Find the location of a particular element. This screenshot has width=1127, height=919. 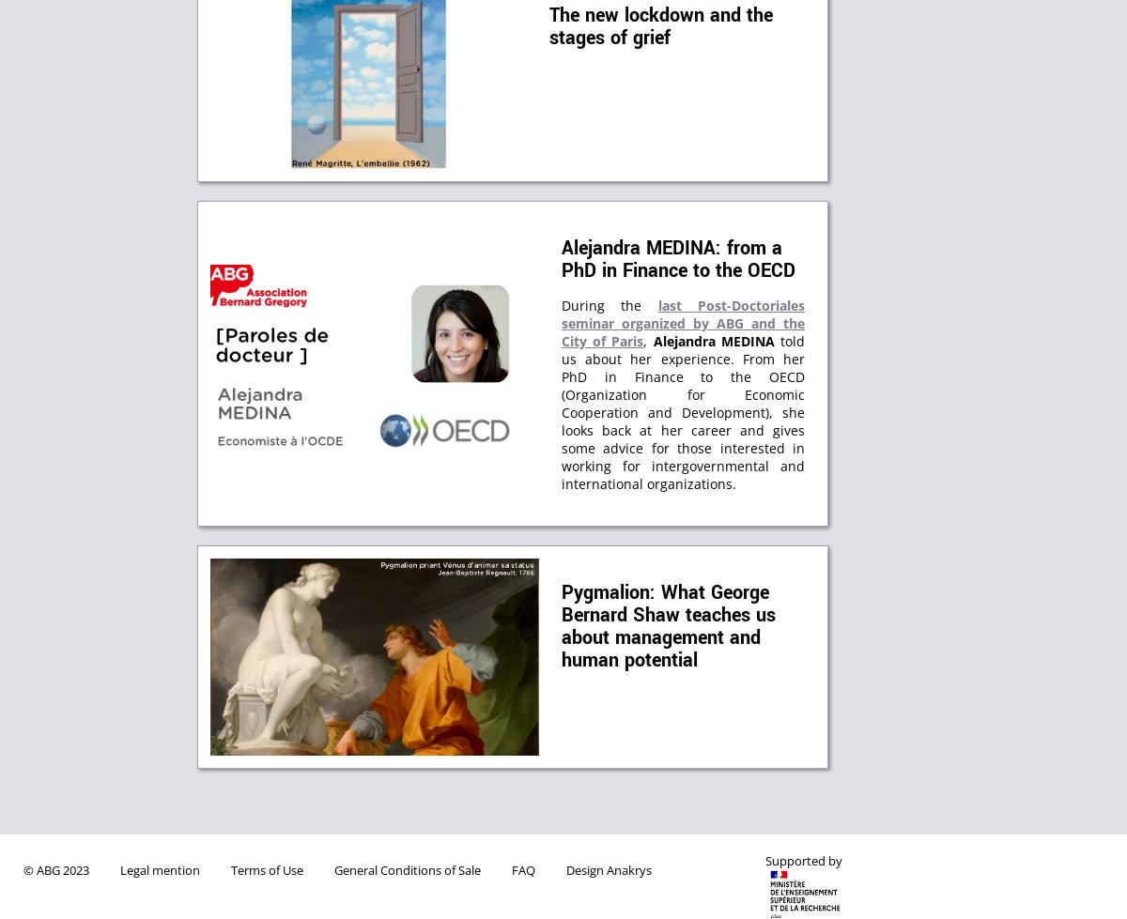

'told us about her experience. From her PhD in Finance to the OECD (Organization for Economic Cooperation and Development), she looks back at her career and gives some advice for those interested in working for intergovernmental and international organizations.' is located at coordinates (683, 412).